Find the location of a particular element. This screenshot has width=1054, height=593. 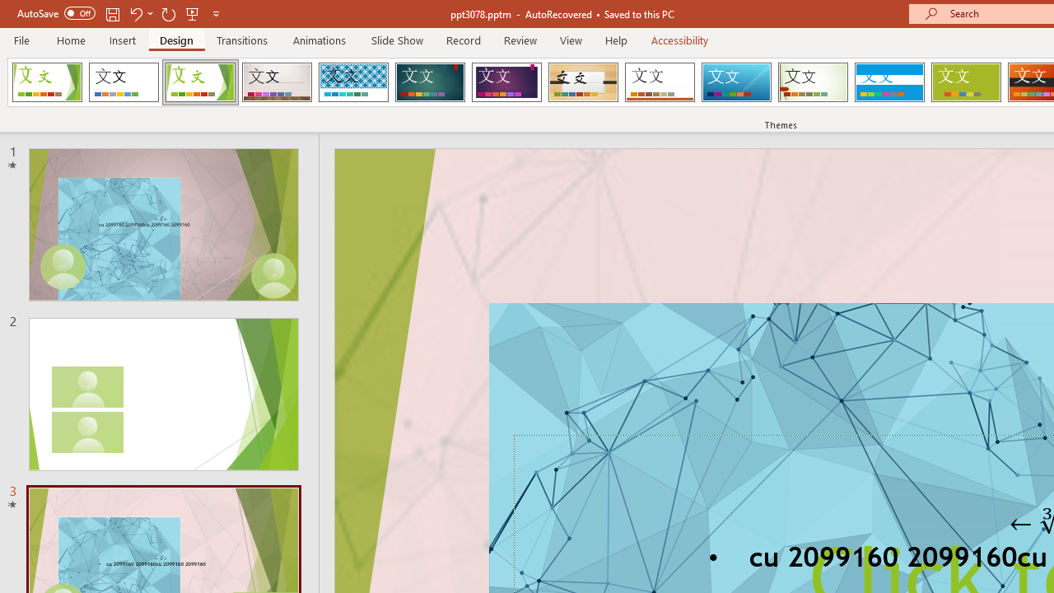

'Gallery' is located at coordinates (277, 82).